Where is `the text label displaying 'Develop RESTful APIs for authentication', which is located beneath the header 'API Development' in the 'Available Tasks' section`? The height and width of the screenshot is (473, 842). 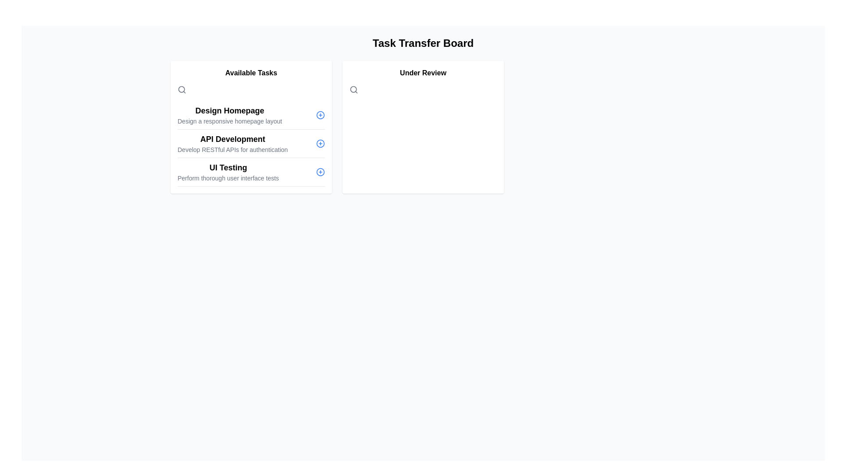 the text label displaying 'Develop RESTful APIs for authentication', which is located beneath the header 'API Development' in the 'Available Tasks' section is located at coordinates (232, 149).